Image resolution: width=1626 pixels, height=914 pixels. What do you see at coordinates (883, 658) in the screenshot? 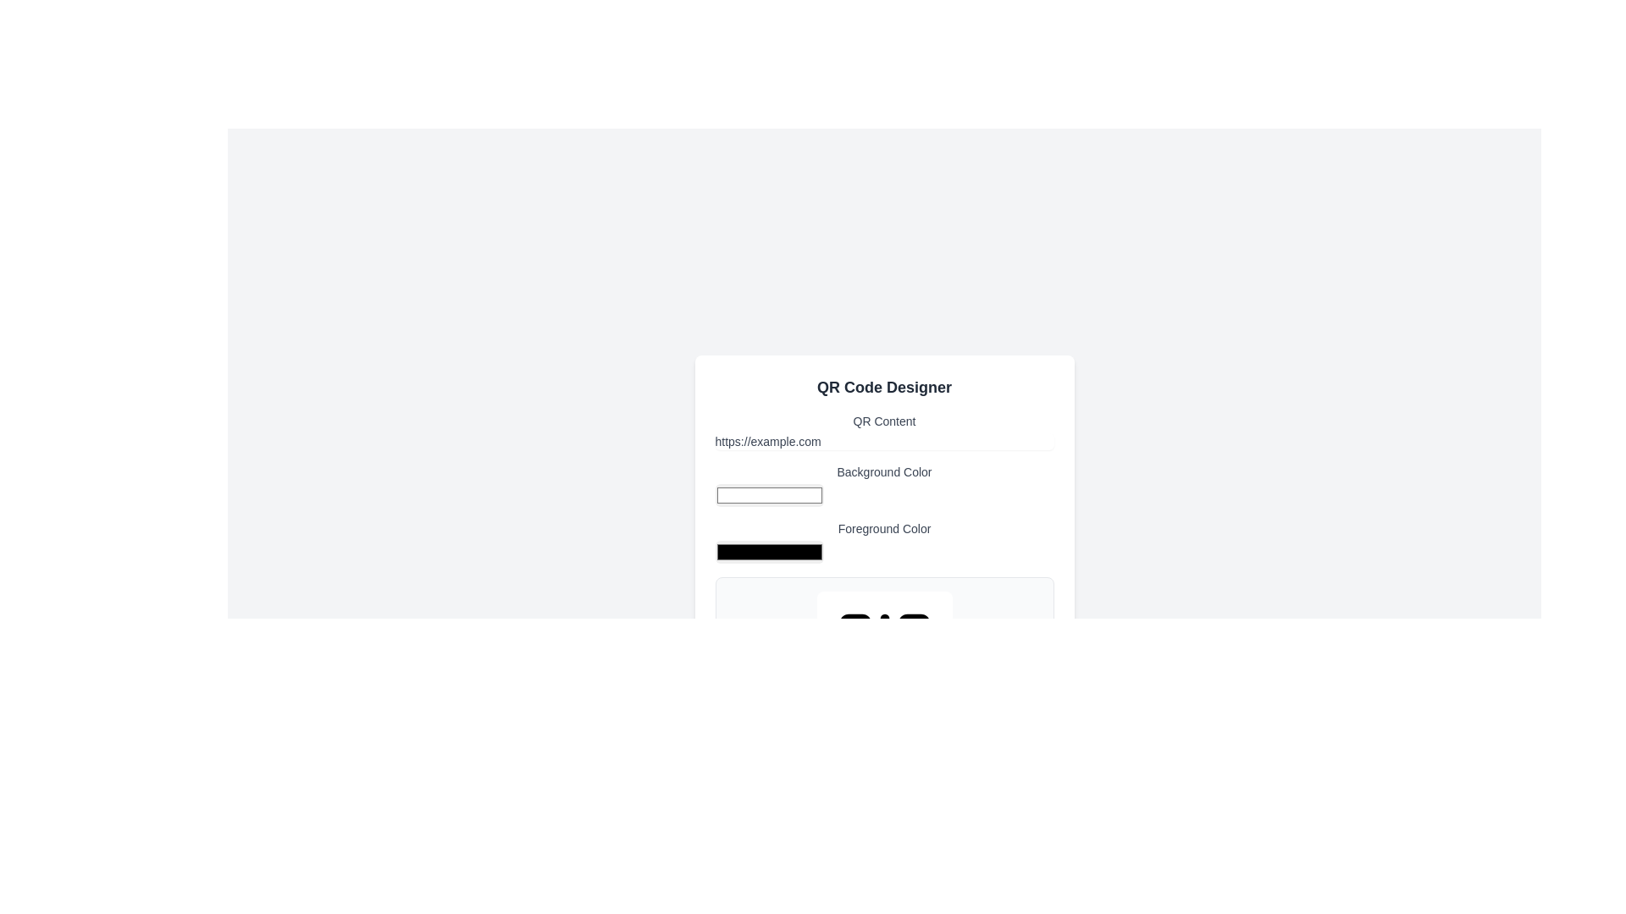
I see `the static graphic element representing the QR code, located in the bottom half of the 'QR Code Designer' section, below the 'Foreground Color' selector` at bounding box center [883, 658].